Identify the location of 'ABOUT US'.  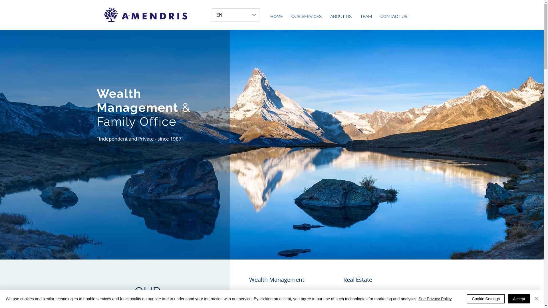
(341, 16).